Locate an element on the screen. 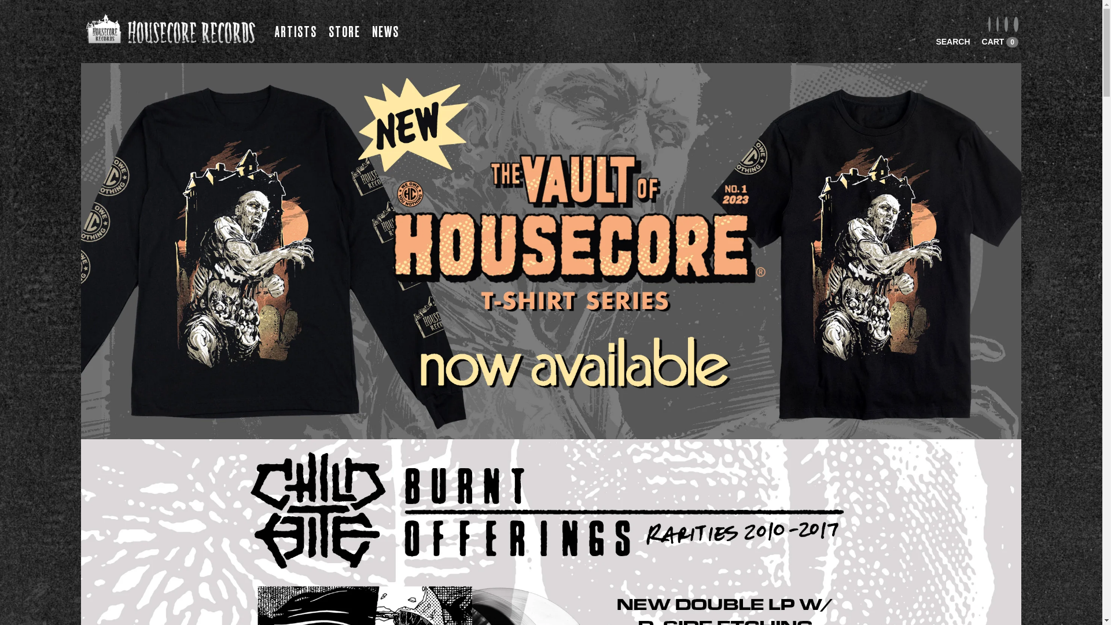 Image resolution: width=1111 pixels, height=625 pixels. 'STORE' is located at coordinates (344, 32).